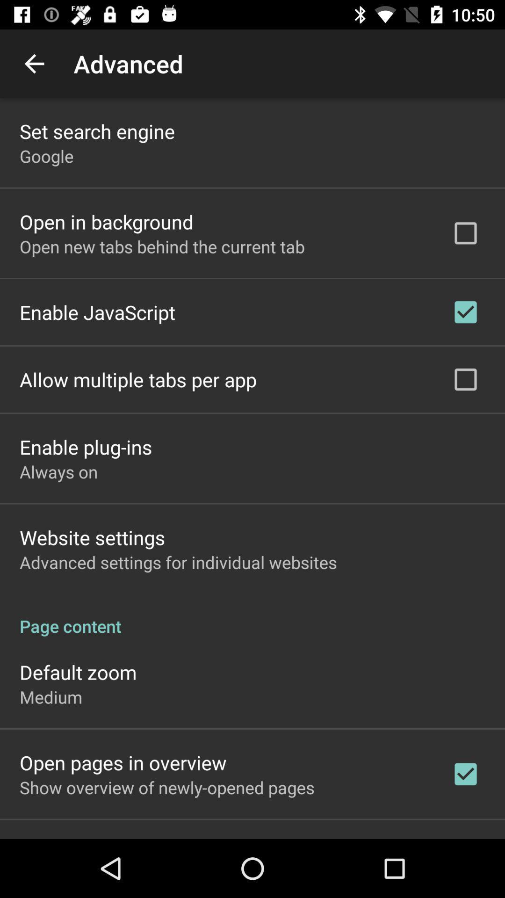 Image resolution: width=505 pixels, height=898 pixels. I want to click on the icon below enable plug-ins item, so click(58, 471).